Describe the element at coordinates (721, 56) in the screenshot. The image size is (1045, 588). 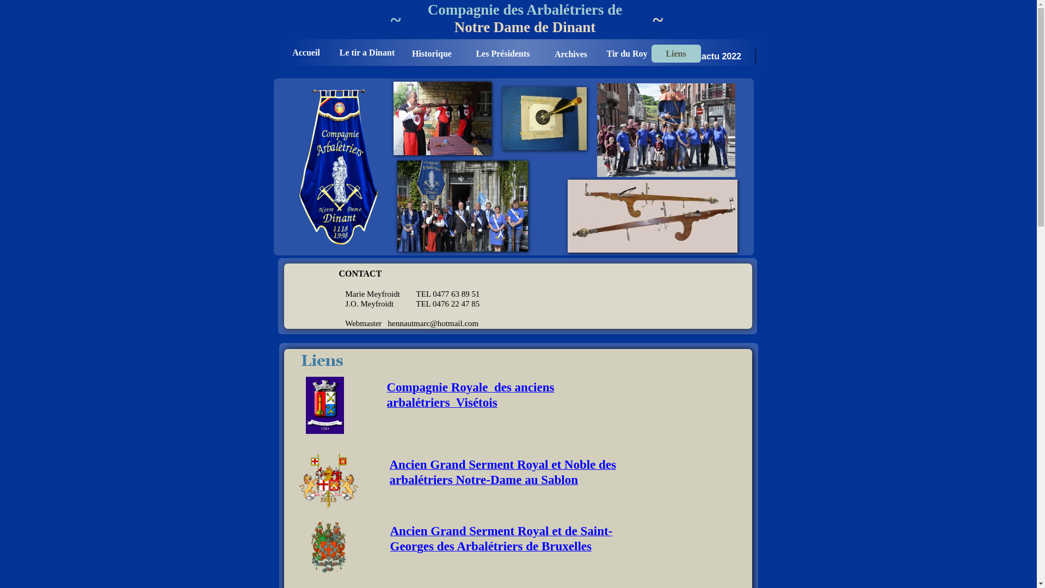
I see `'actu 2022'` at that location.